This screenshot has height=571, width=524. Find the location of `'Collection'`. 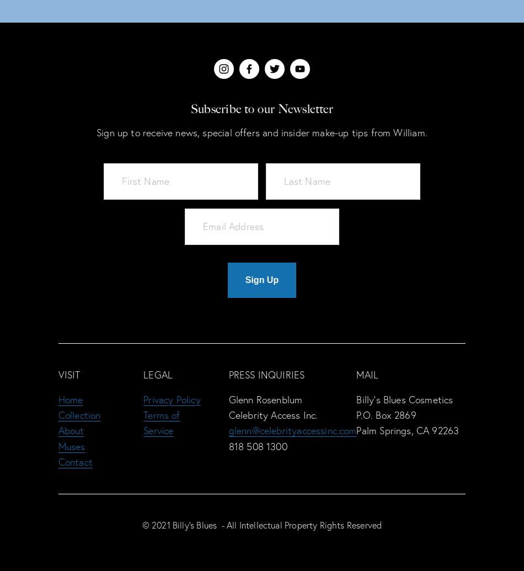

'Collection' is located at coordinates (57, 414).